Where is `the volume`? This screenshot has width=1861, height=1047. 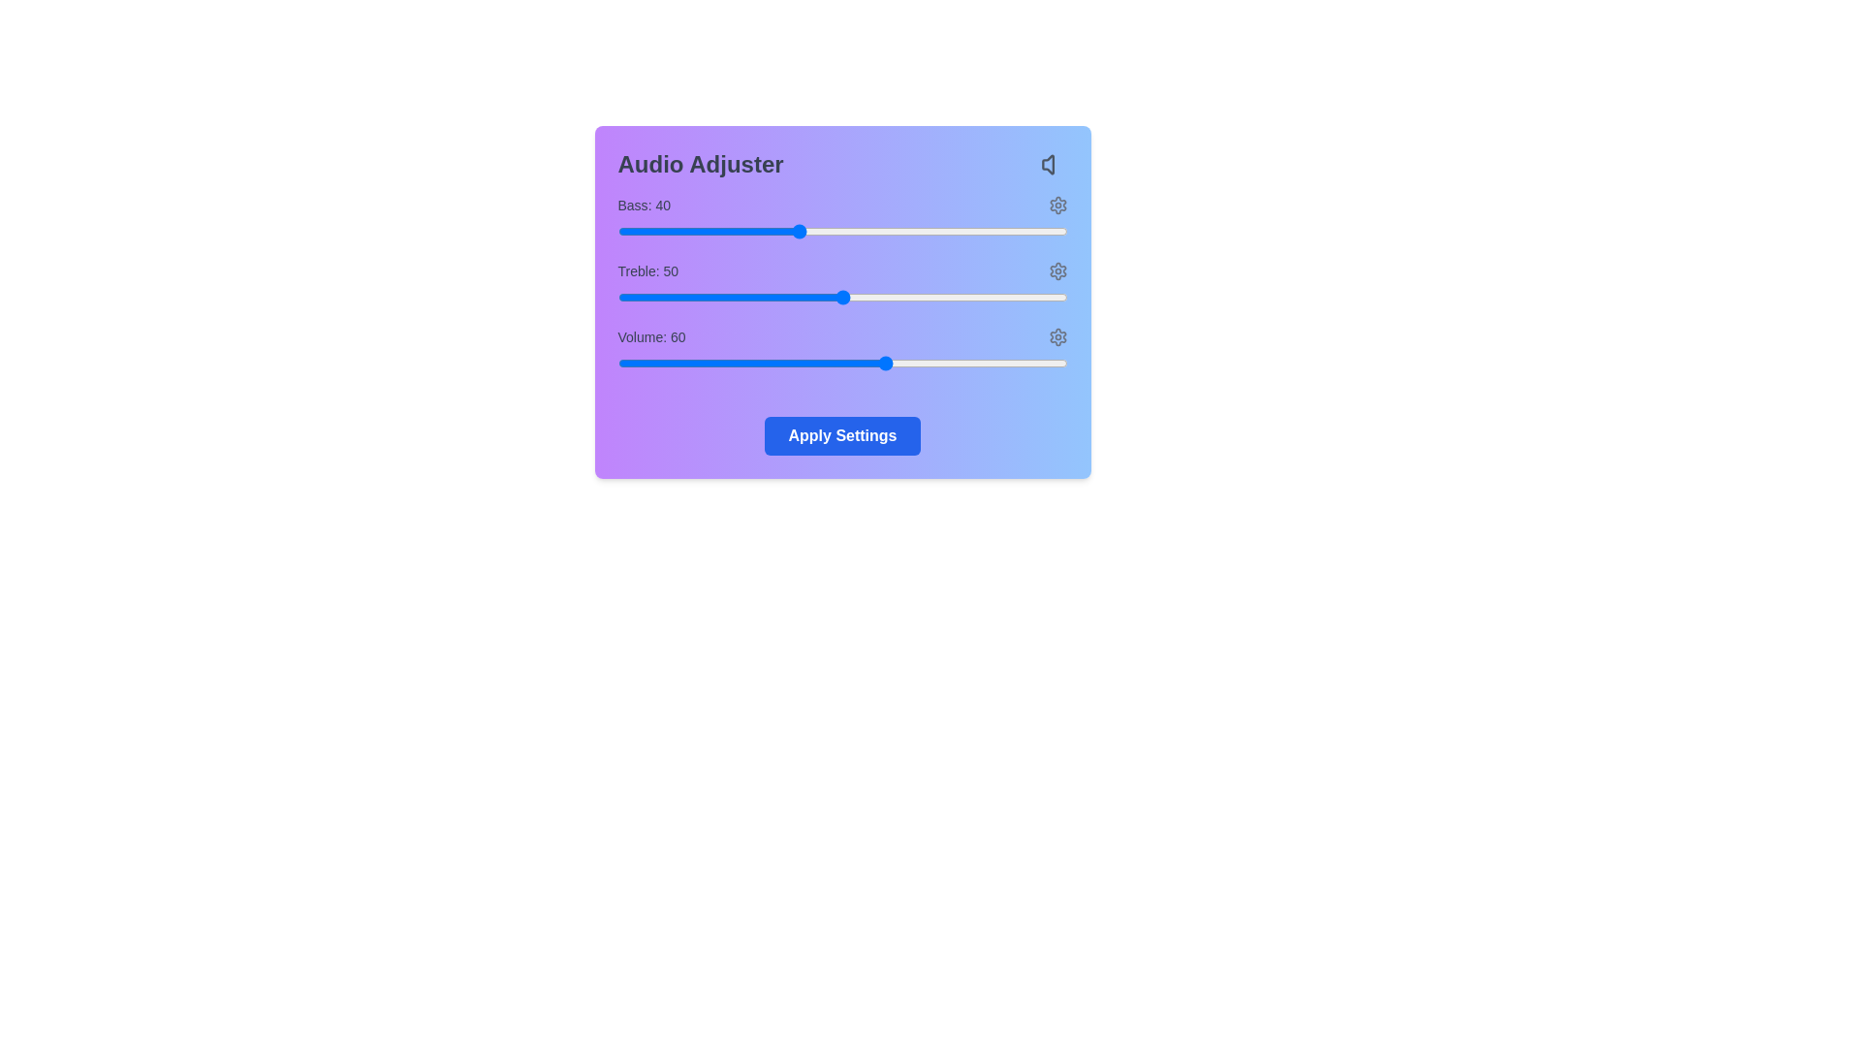
the volume is located at coordinates (891, 363).